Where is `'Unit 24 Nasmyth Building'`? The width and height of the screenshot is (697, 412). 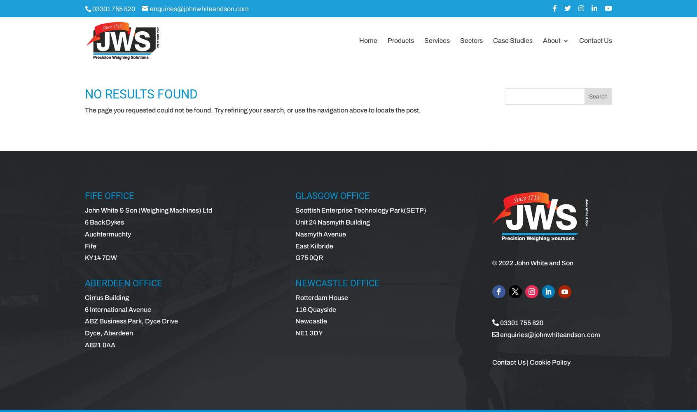
'Unit 24 Nasmyth Building' is located at coordinates (332, 222).